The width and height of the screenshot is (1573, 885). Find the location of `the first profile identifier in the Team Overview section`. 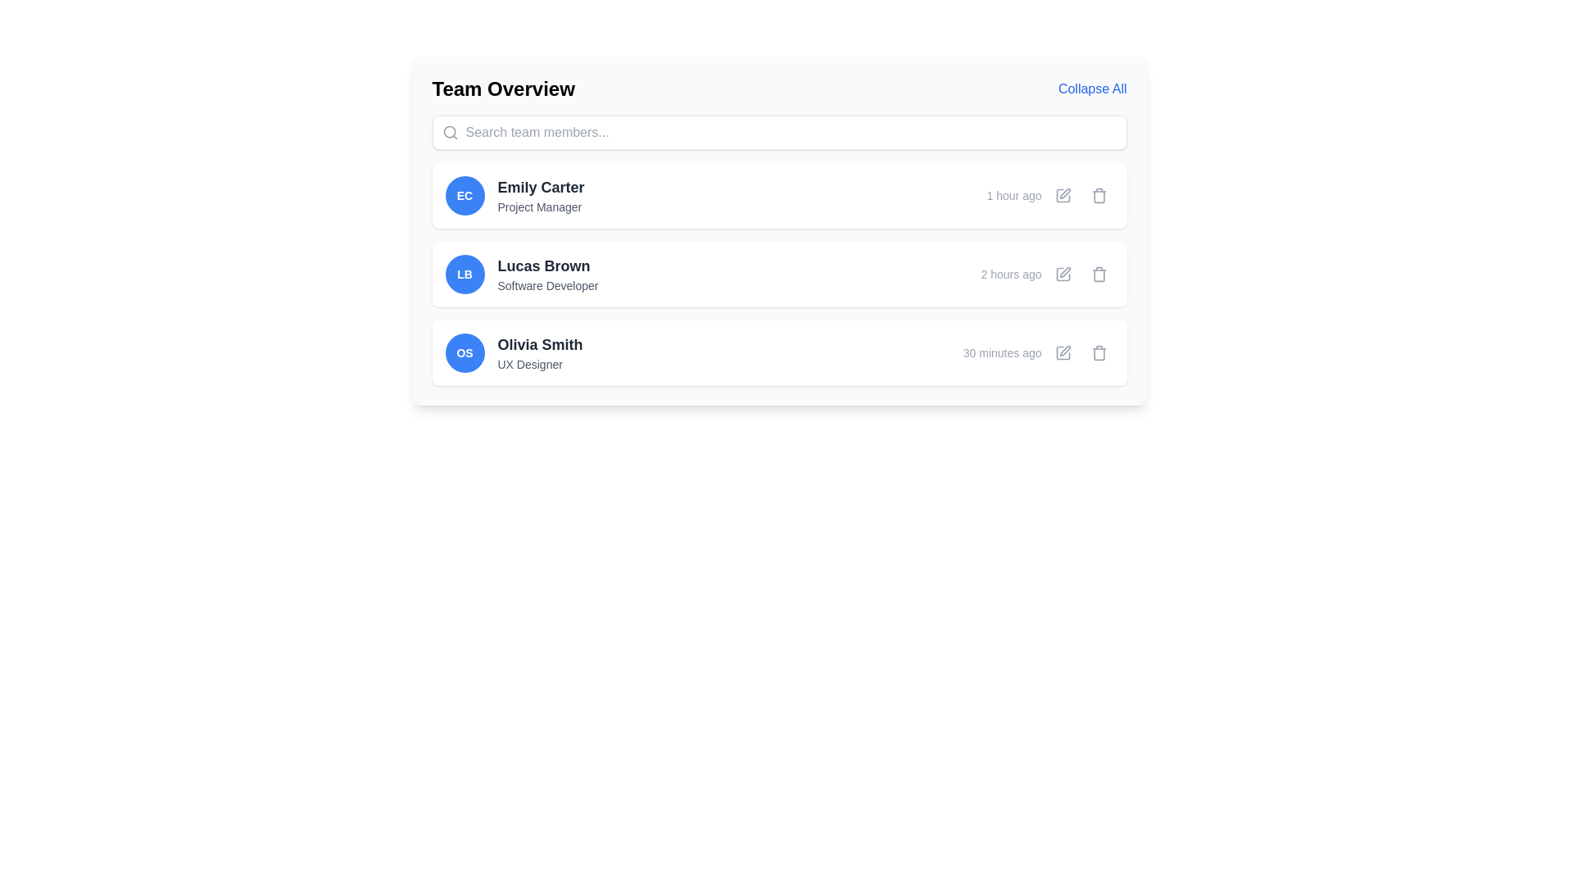

the first profile identifier in the Team Overview section is located at coordinates (514, 195).